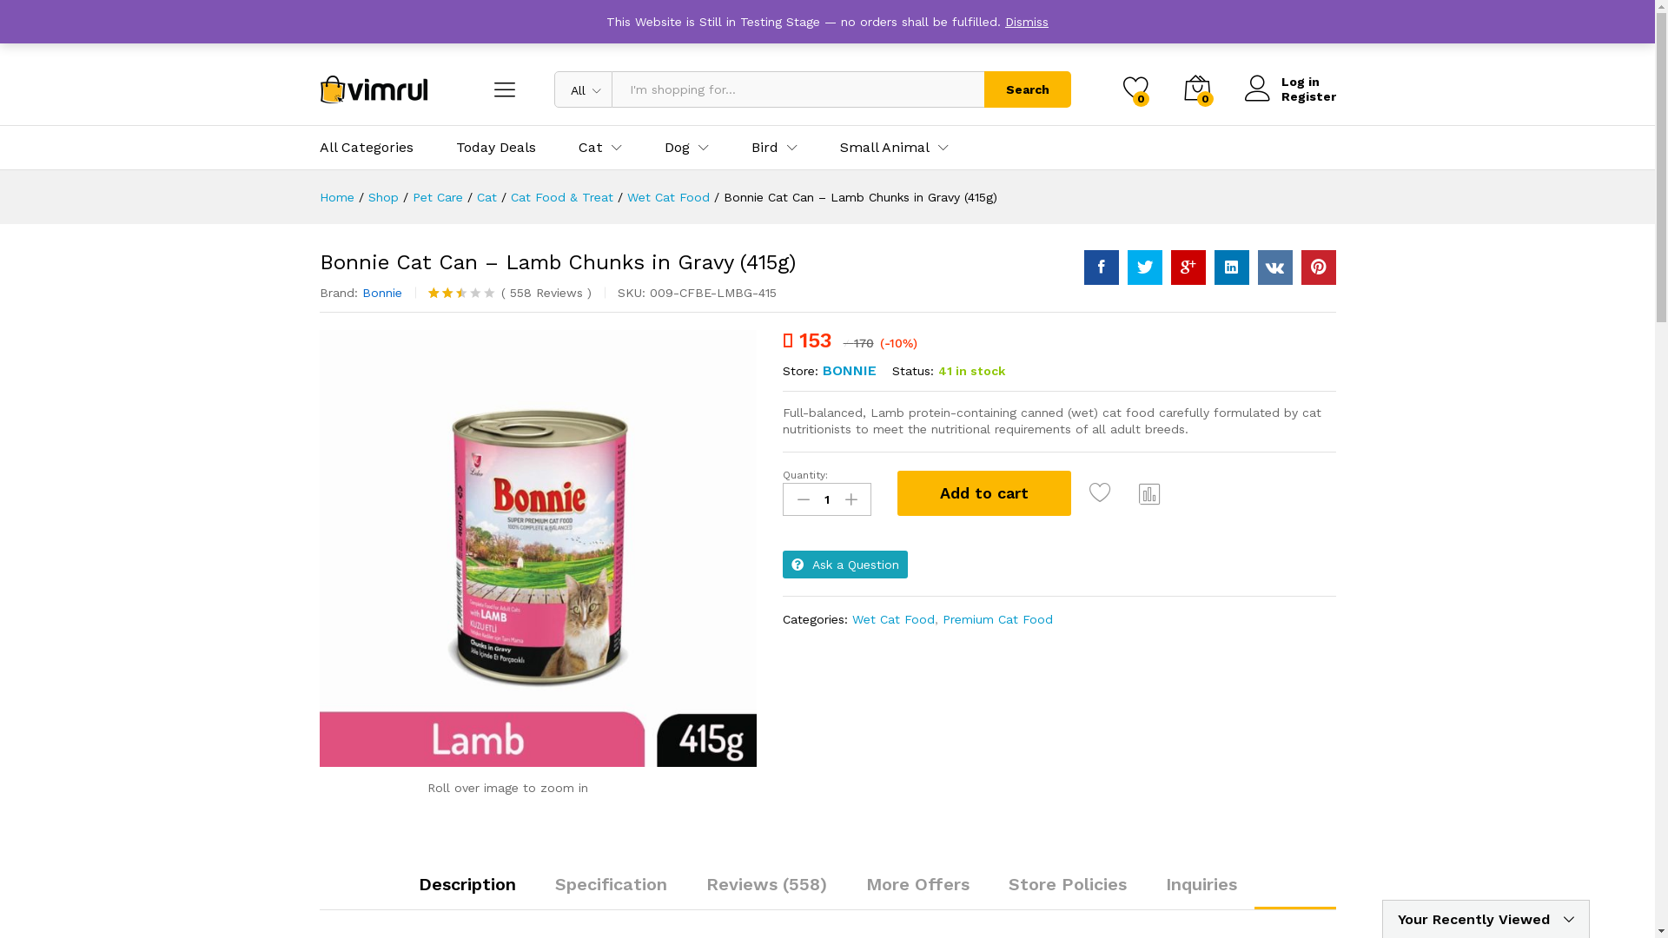 This screenshot has height=938, width=1668. Describe the element at coordinates (380, 291) in the screenshot. I see `'Bonnie'` at that location.